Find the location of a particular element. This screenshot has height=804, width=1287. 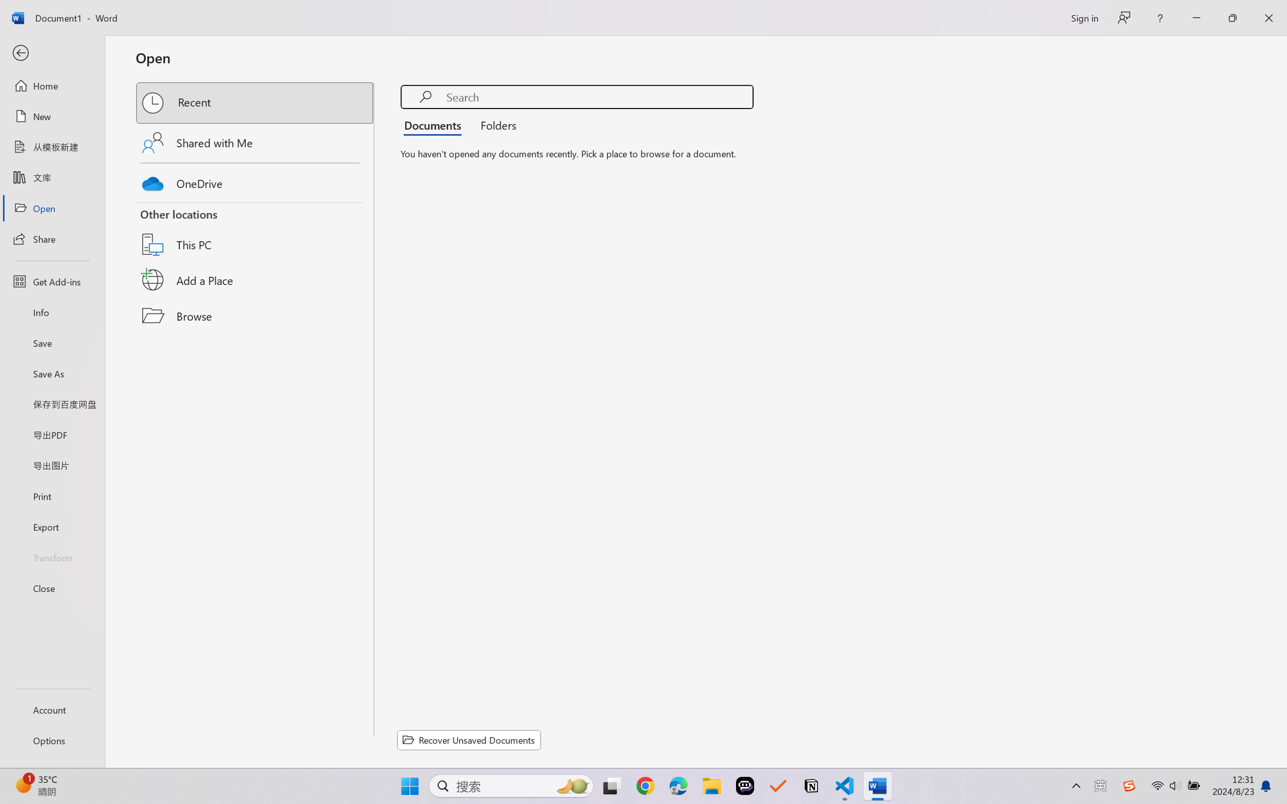

'Documents' is located at coordinates (435, 124).